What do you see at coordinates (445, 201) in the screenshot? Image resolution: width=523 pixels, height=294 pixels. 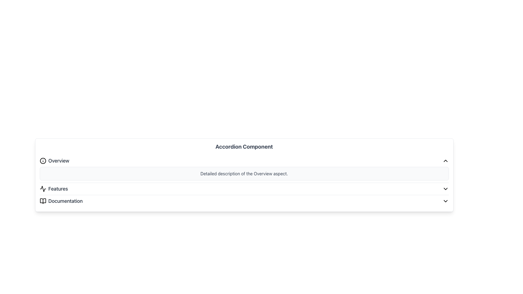 I see `the downward-pointing Chevron icon located to the far right of the 'Documentation' row in the accordion interface` at bounding box center [445, 201].